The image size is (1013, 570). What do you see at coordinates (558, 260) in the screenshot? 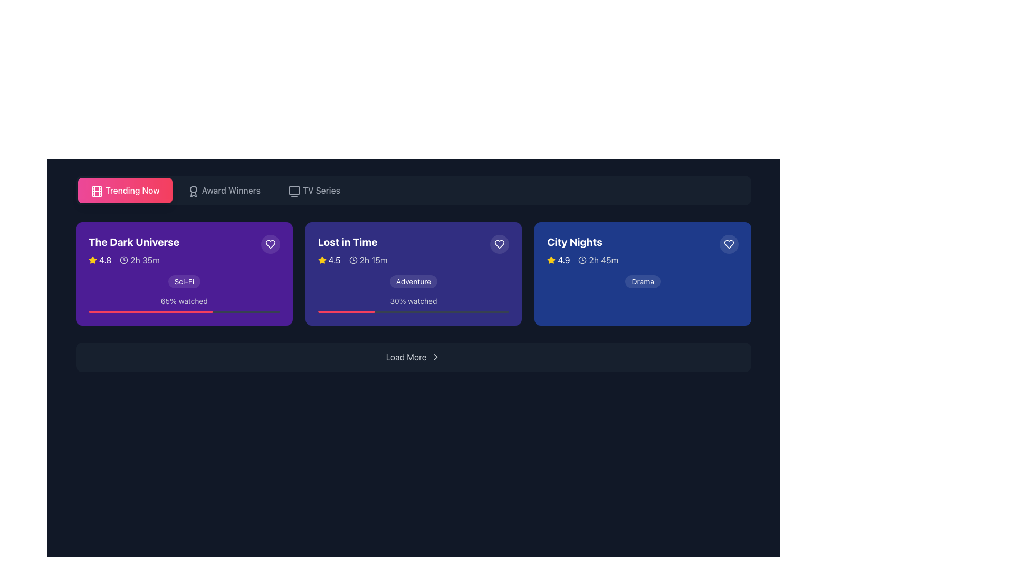
I see `the Rating display with star and numeric value located at the top left of the 'City Nights' card` at bounding box center [558, 260].